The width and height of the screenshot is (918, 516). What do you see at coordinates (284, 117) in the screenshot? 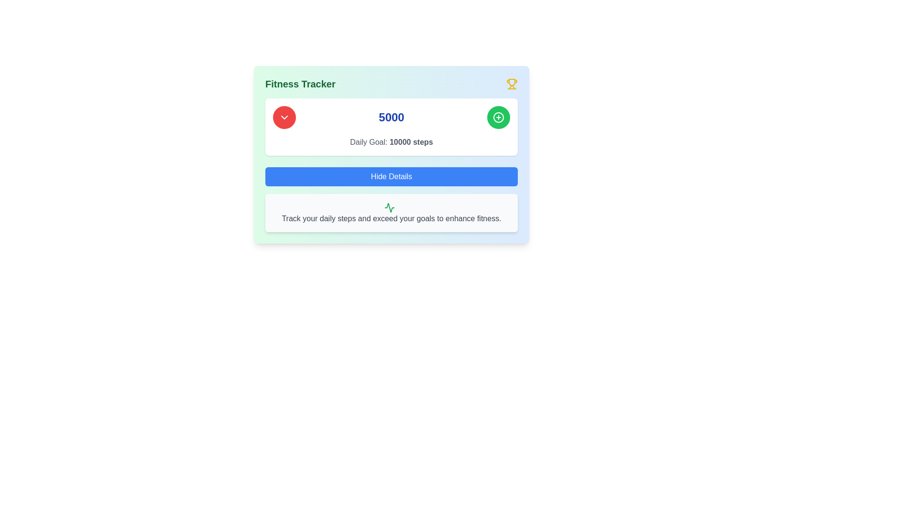
I see `the circular red button with a white downward arrow` at bounding box center [284, 117].